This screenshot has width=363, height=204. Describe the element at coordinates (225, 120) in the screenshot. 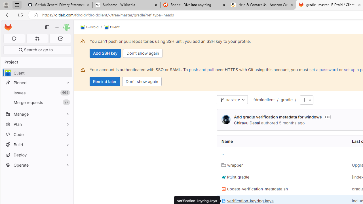

I see `'Chirayu Desai'` at that location.